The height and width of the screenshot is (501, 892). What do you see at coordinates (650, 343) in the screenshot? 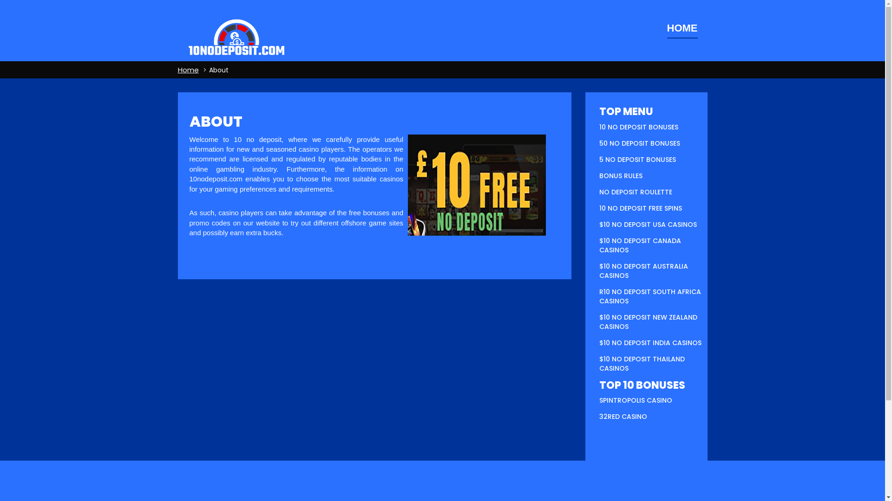
I see `'$10 NO DEPOSIT INDIA CASINOS'` at bounding box center [650, 343].